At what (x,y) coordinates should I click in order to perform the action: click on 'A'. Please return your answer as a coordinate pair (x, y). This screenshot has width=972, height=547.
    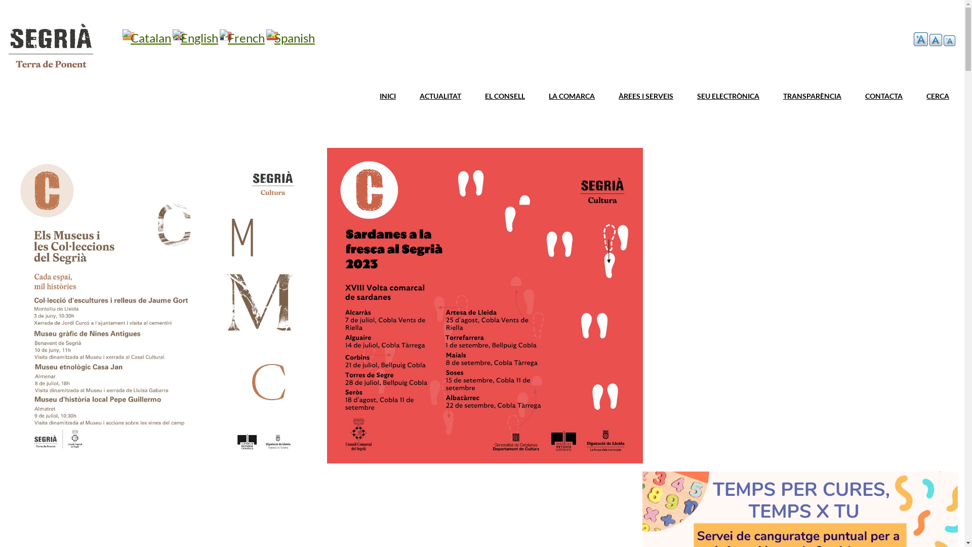
    Looking at the image, I should click on (935, 39).